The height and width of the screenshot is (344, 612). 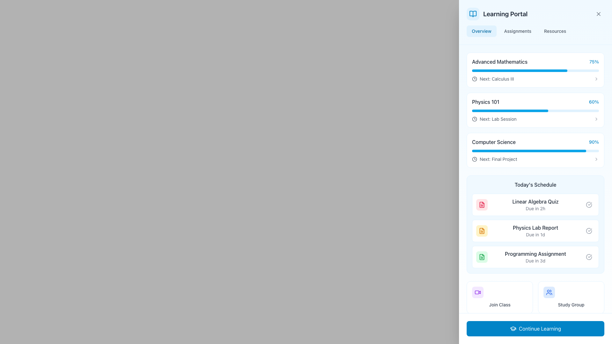 What do you see at coordinates (589, 256) in the screenshot?
I see `the circular gray icon with a checkmark inside, located on the right side of the 'Today's Schedule' section, next to the text 'Programming Assignment Due in 3d'` at bounding box center [589, 256].